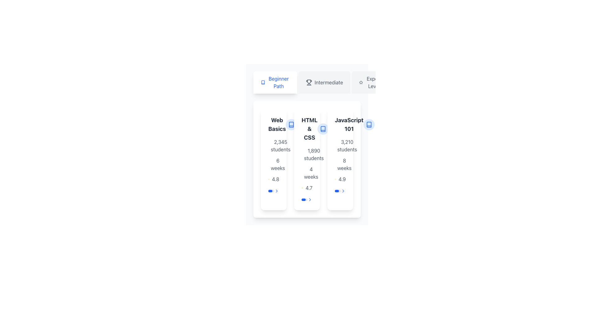 The width and height of the screenshot is (597, 335). I want to click on the text block reading '8 weeks' within the 'JavaScript 101' course card, which is styled in dark grey and positioned centrally below the student count, so click(344, 164).